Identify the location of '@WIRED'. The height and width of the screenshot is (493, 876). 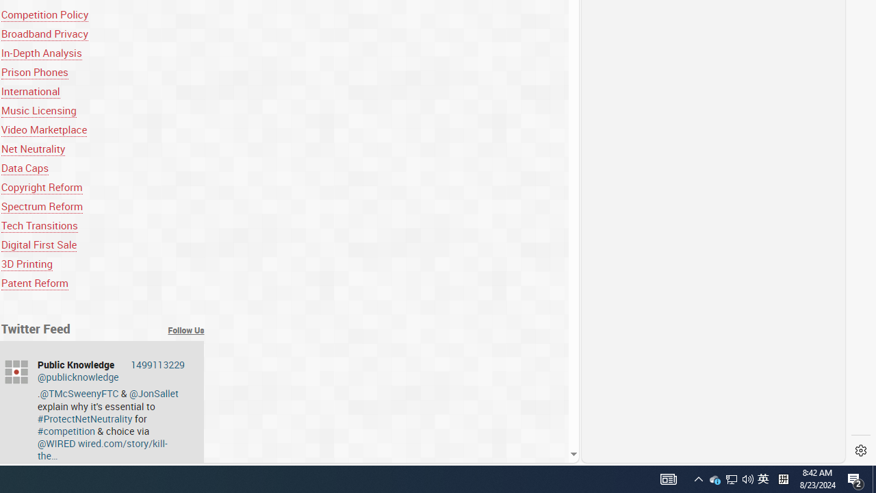
(55, 444).